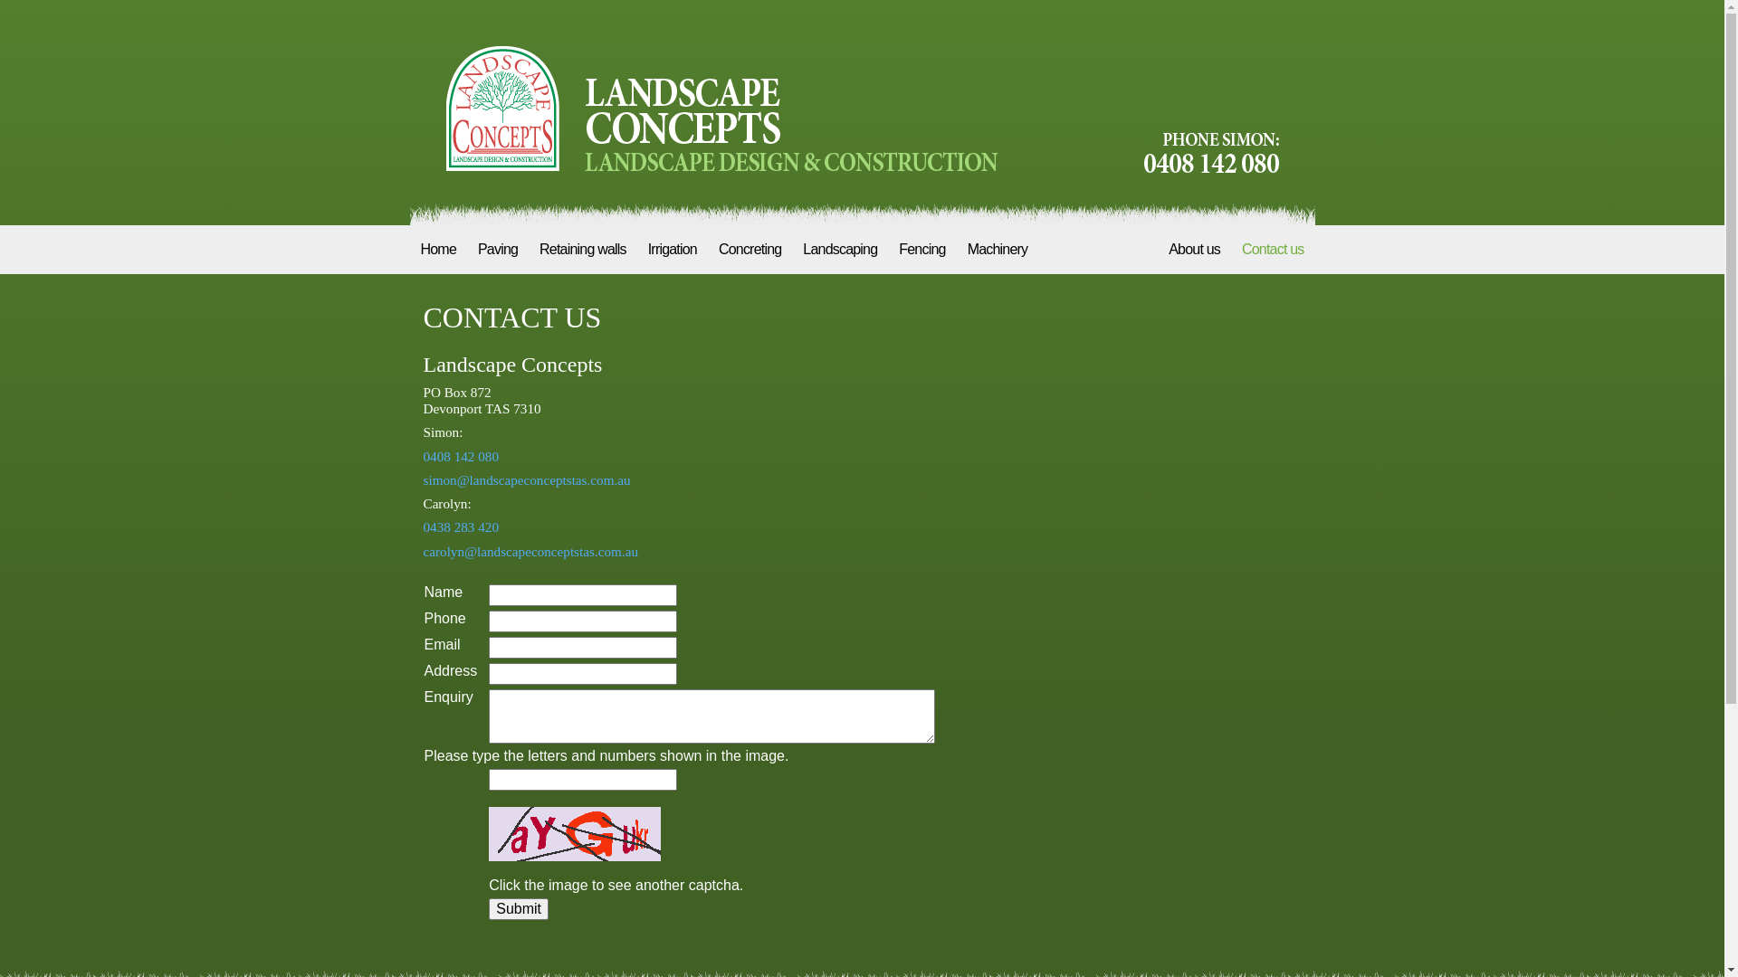 Image resolution: width=1738 pixels, height=977 pixels. What do you see at coordinates (461, 526) in the screenshot?
I see `'0438 283 420'` at bounding box center [461, 526].